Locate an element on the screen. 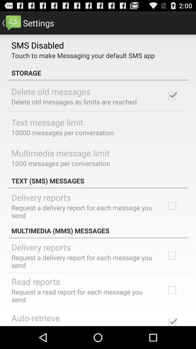 The width and height of the screenshot is (196, 349). app below sms disabled is located at coordinates (82, 55).